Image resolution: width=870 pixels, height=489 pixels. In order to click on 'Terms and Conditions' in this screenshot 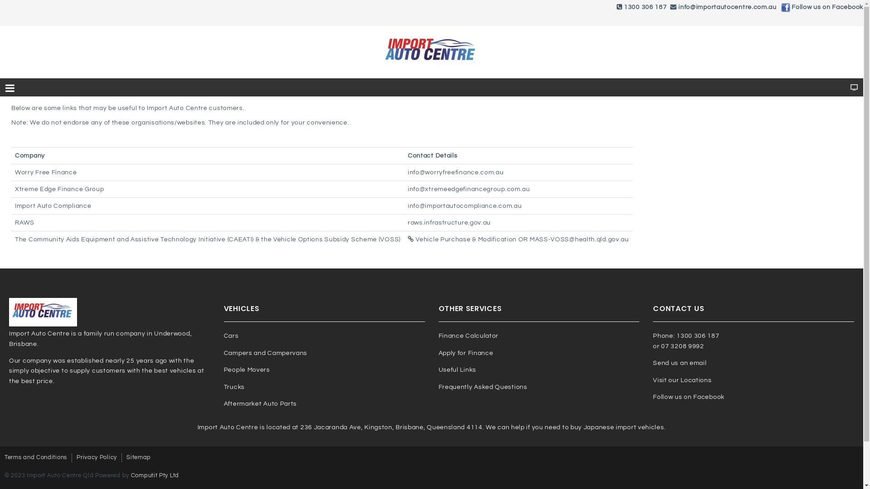, I will do `click(35, 457)`.